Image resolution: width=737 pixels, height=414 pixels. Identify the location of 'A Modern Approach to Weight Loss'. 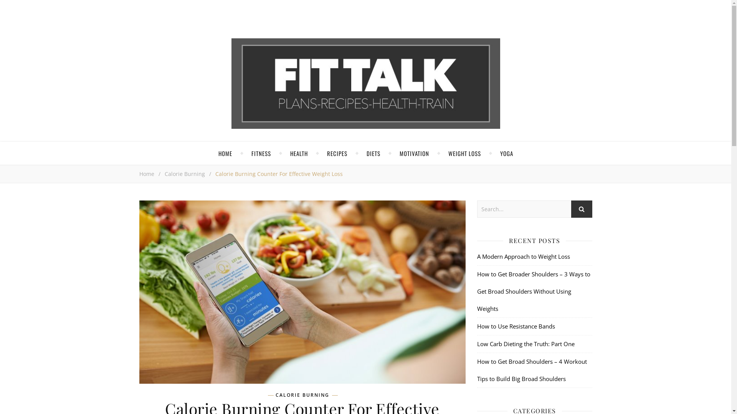
(523, 256).